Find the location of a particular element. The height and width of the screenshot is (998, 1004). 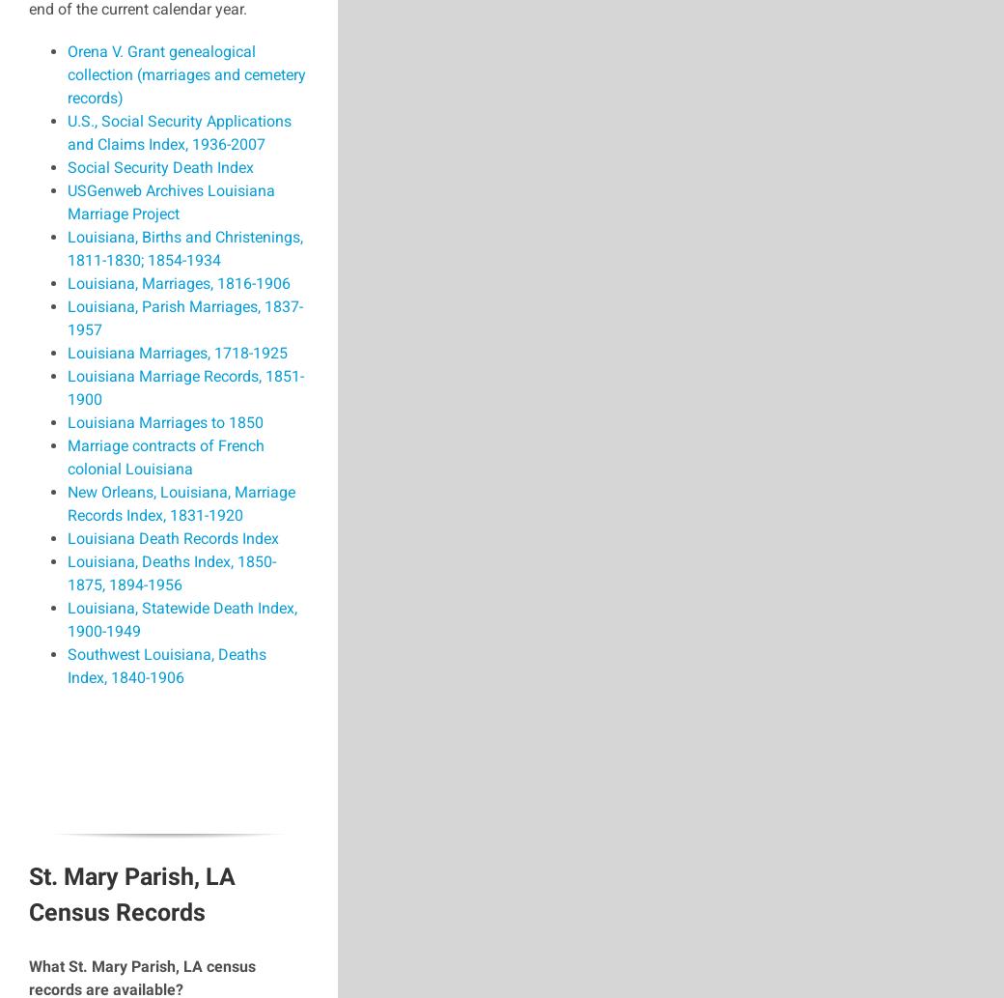

'USGenweb Archives Louisiana Marriage Project' is located at coordinates (171, 201).